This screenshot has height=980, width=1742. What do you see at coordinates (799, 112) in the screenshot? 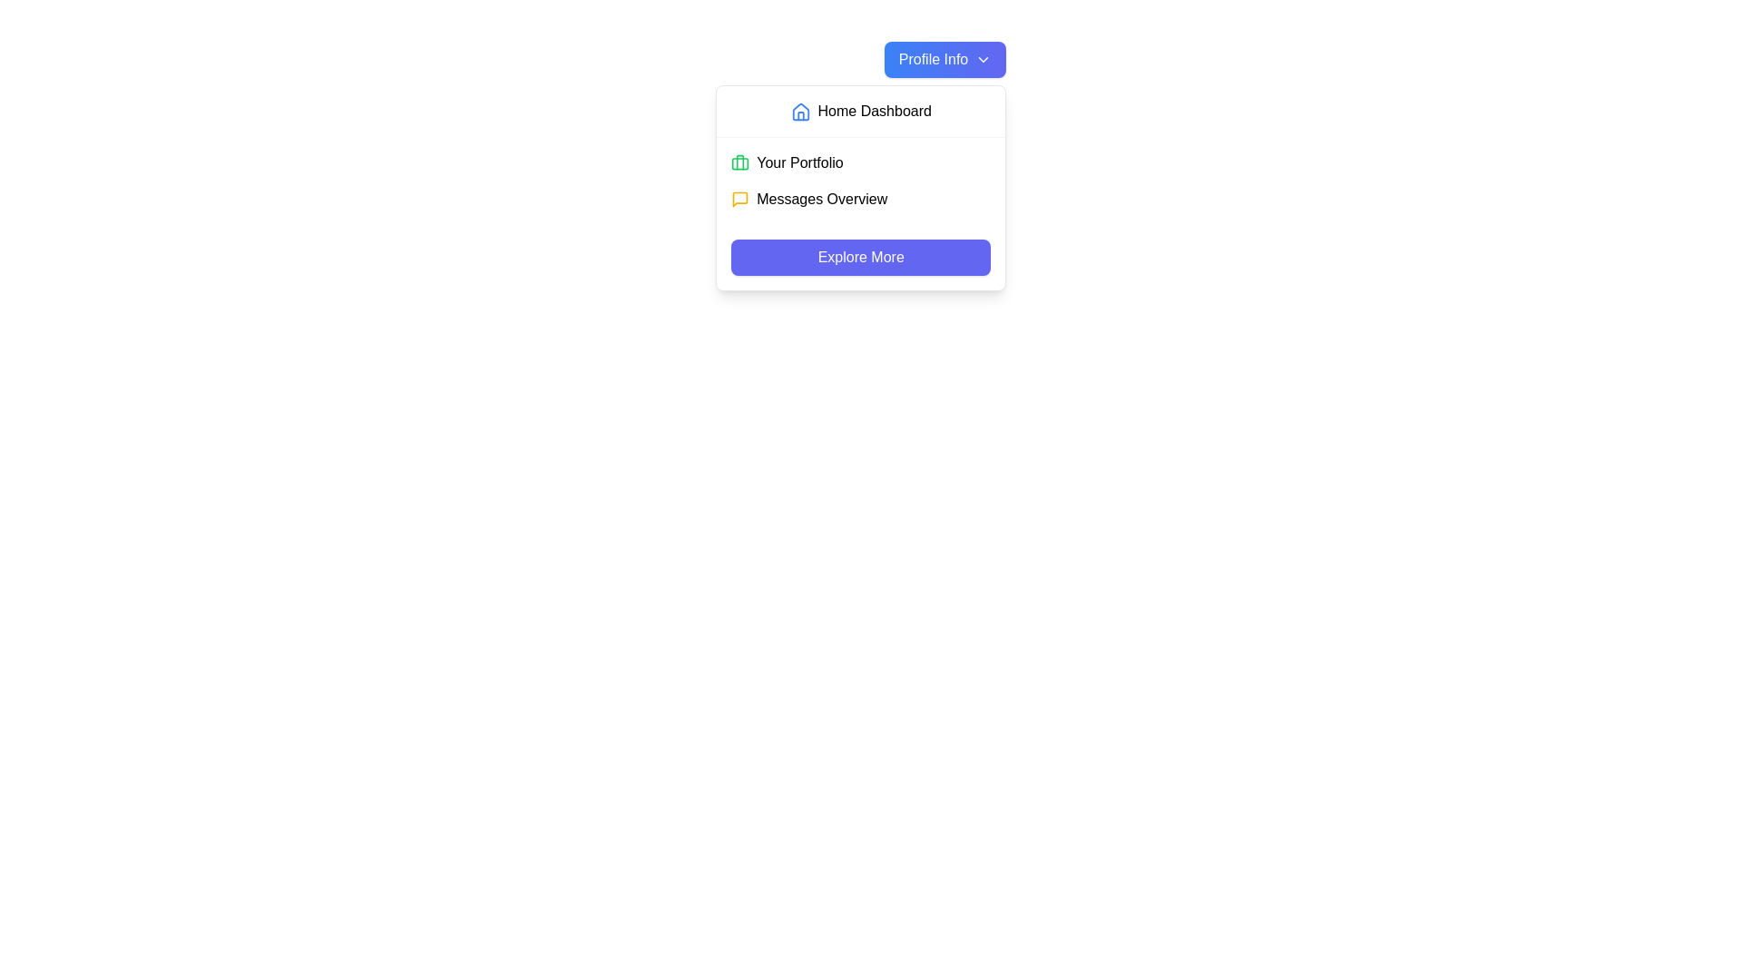
I see `the 'Home Dashboard' icon located to the immediate left of the 'Home Dashboard' text in the dropdown menu` at bounding box center [799, 112].